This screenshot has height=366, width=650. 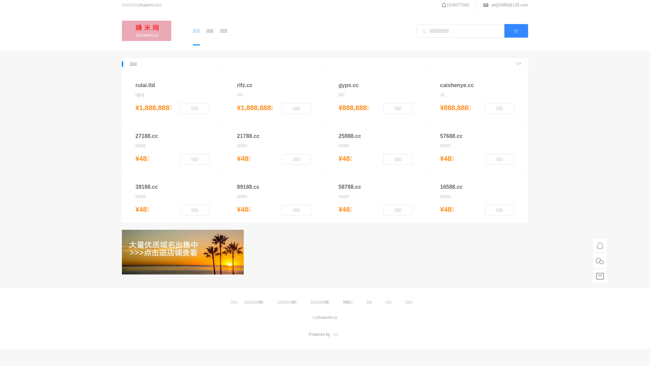 I want to click on 'wkj55888@126.com', so click(x=510, y=5).